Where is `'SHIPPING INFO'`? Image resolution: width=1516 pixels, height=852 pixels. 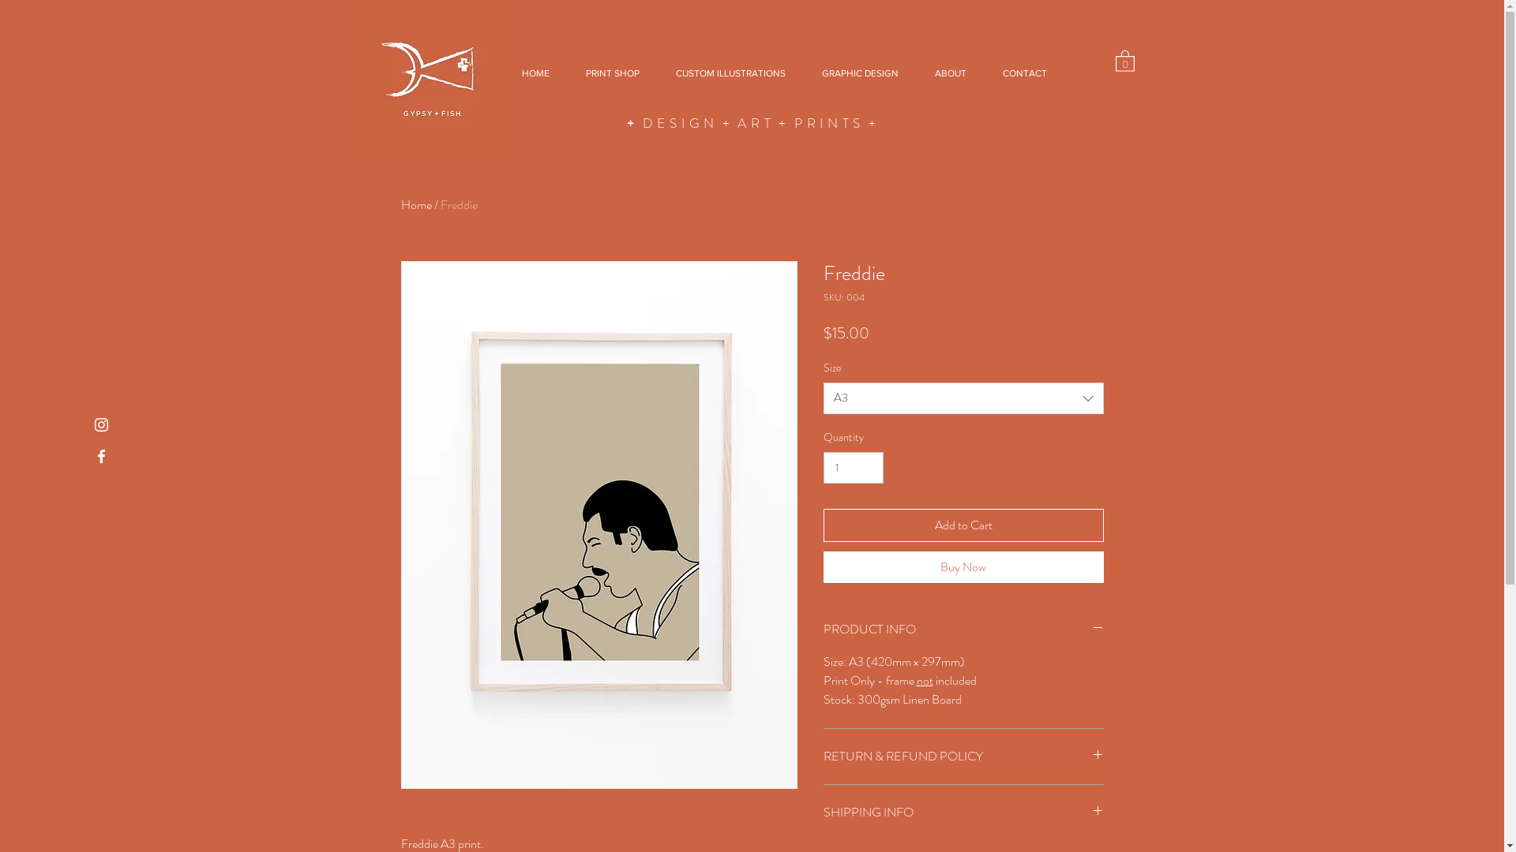 'SHIPPING INFO' is located at coordinates (962, 812).